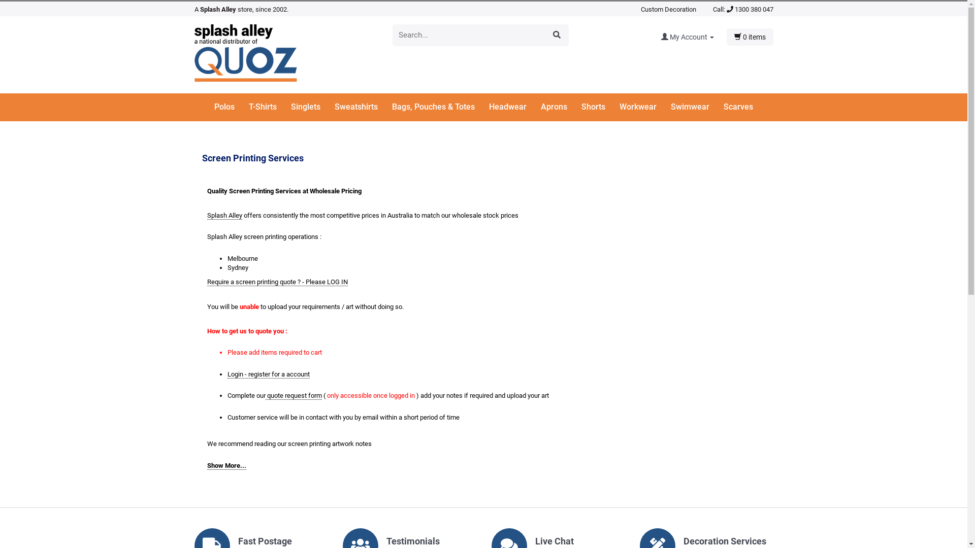 This screenshot has height=548, width=975. What do you see at coordinates (226, 466) in the screenshot?
I see `'Show More...'` at bounding box center [226, 466].